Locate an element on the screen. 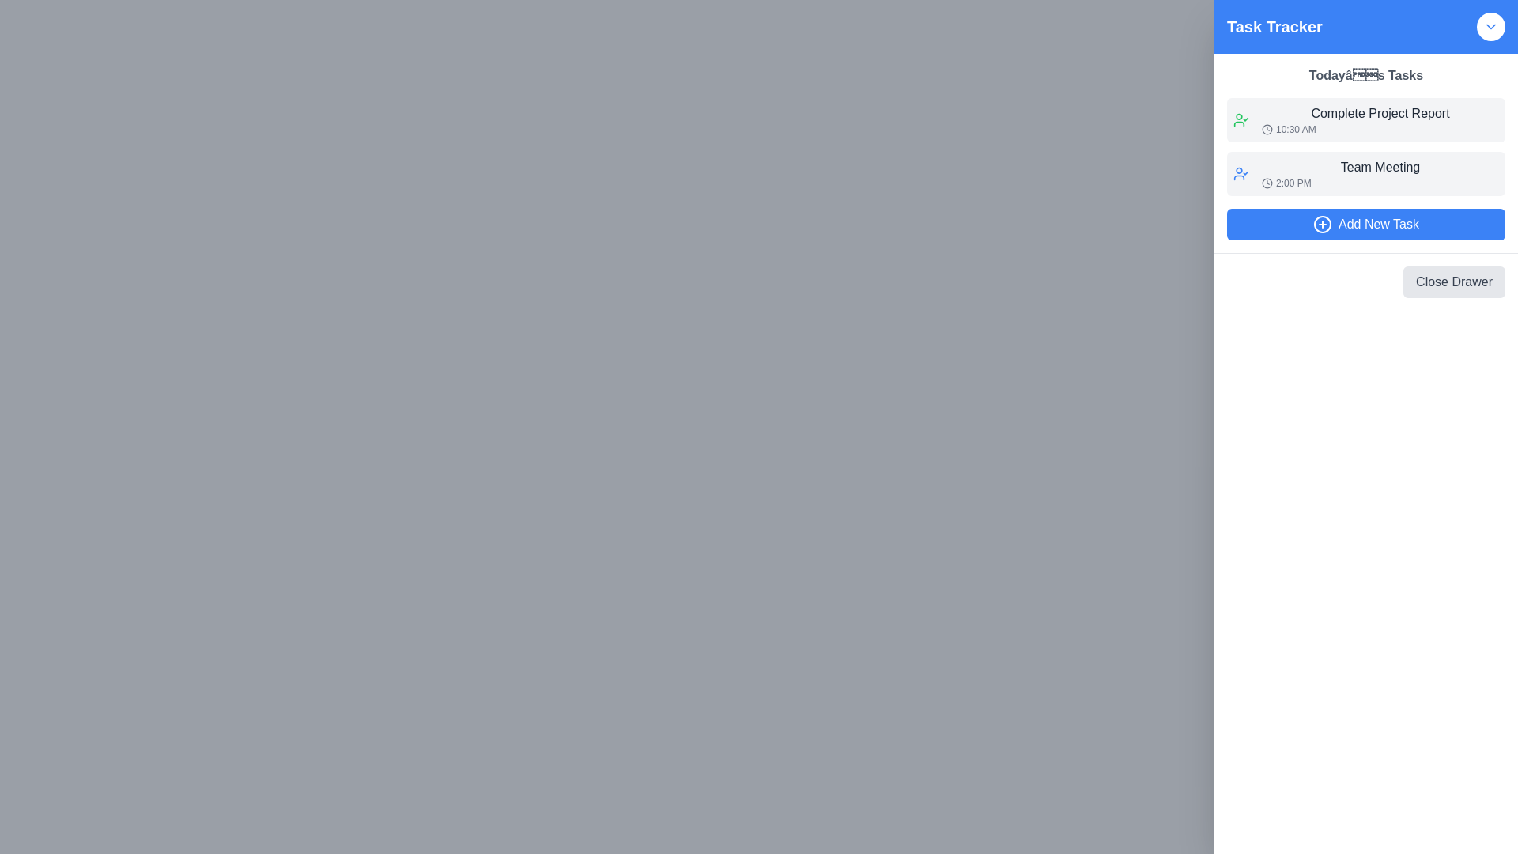 The image size is (1518, 854). the circular icon with a blue outline and a white plus sign, located to the left of the 'Add New Task' button is located at coordinates (1323, 225).